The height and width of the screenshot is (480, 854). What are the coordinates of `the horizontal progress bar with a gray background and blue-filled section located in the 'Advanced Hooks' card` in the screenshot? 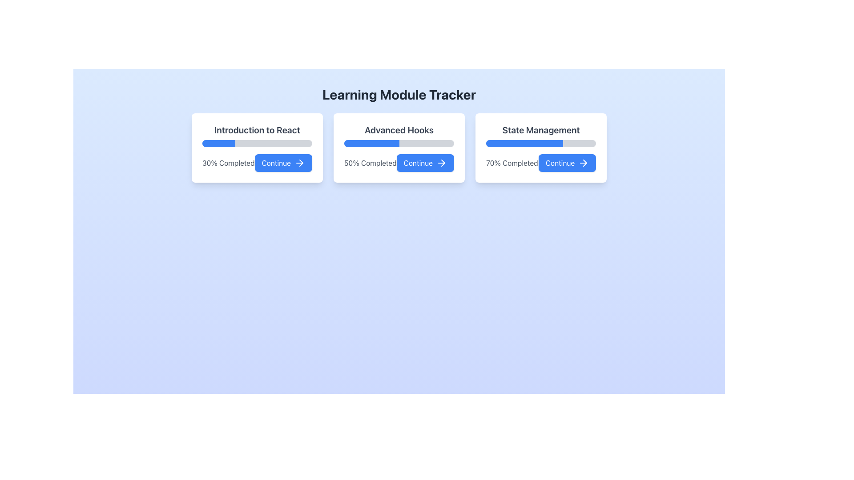 It's located at (399, 143).